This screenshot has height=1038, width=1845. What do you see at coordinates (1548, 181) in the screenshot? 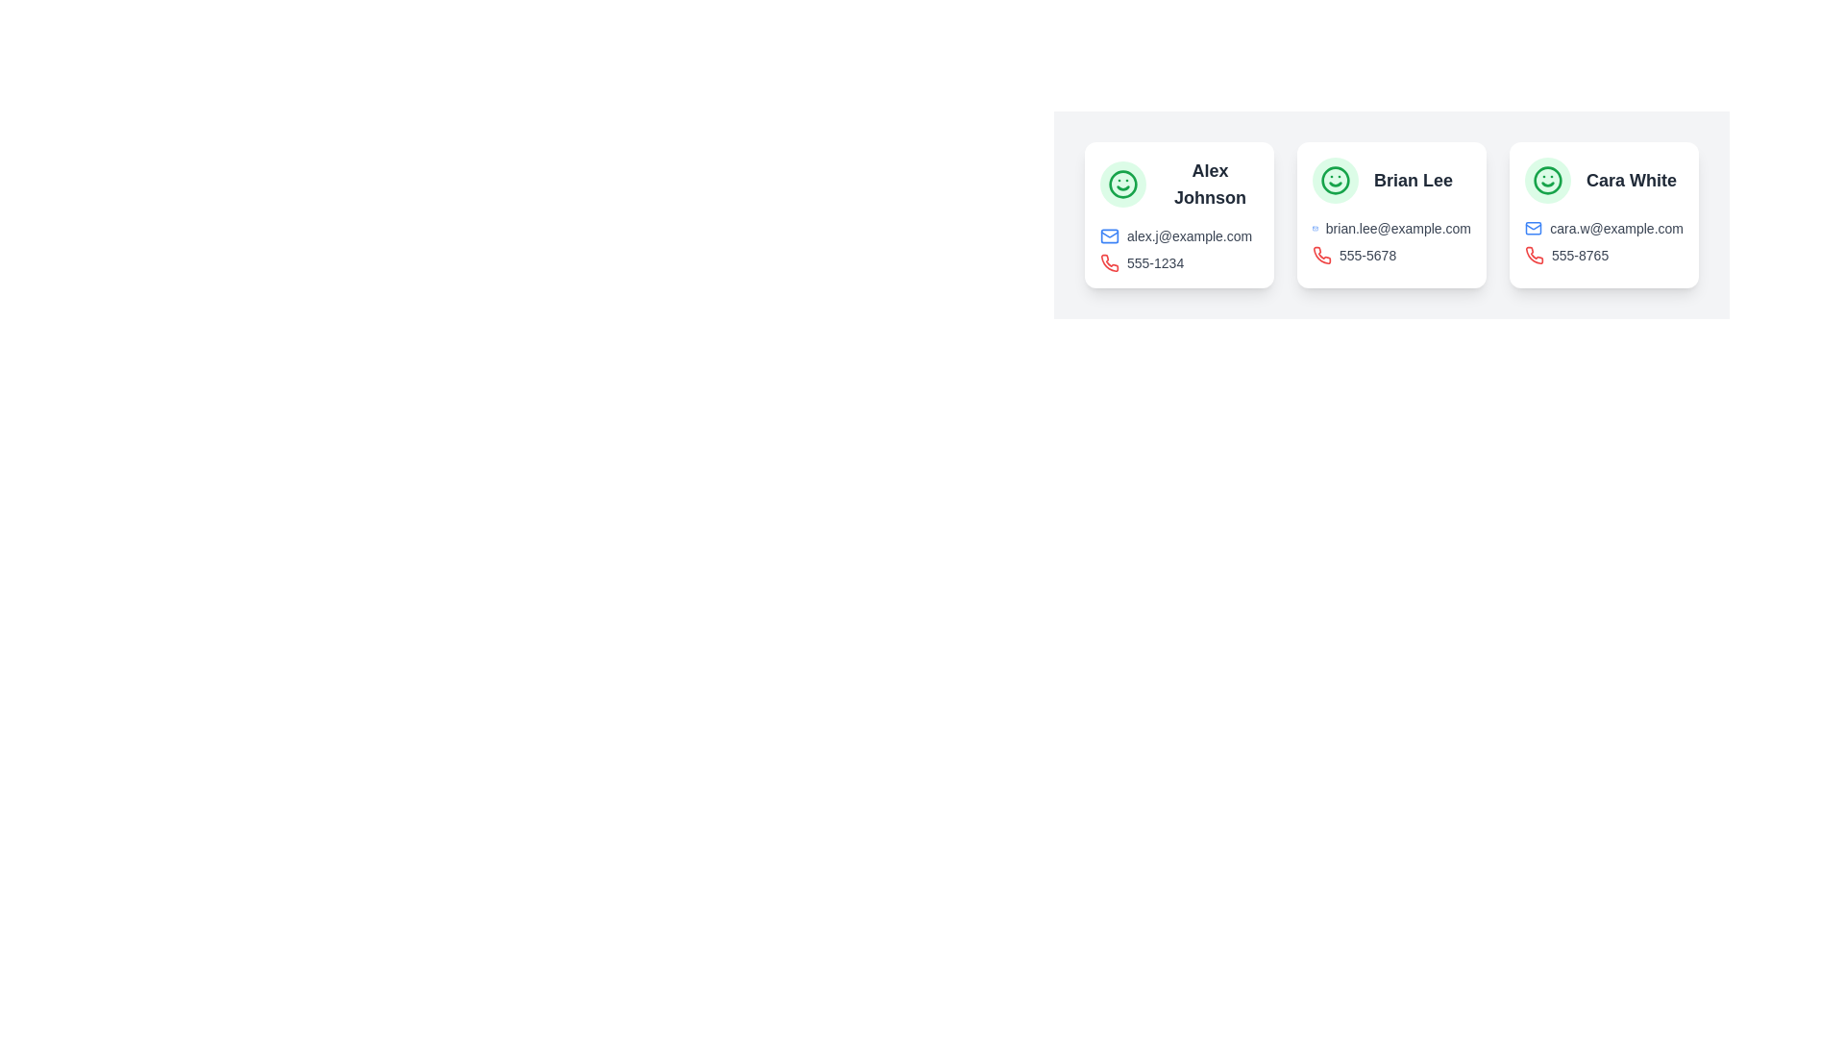
I see `the circular border element representing part of the smiley face icon located at the top-left corner of the 'Cara White' contact card` at bounding box center [1548, 181].